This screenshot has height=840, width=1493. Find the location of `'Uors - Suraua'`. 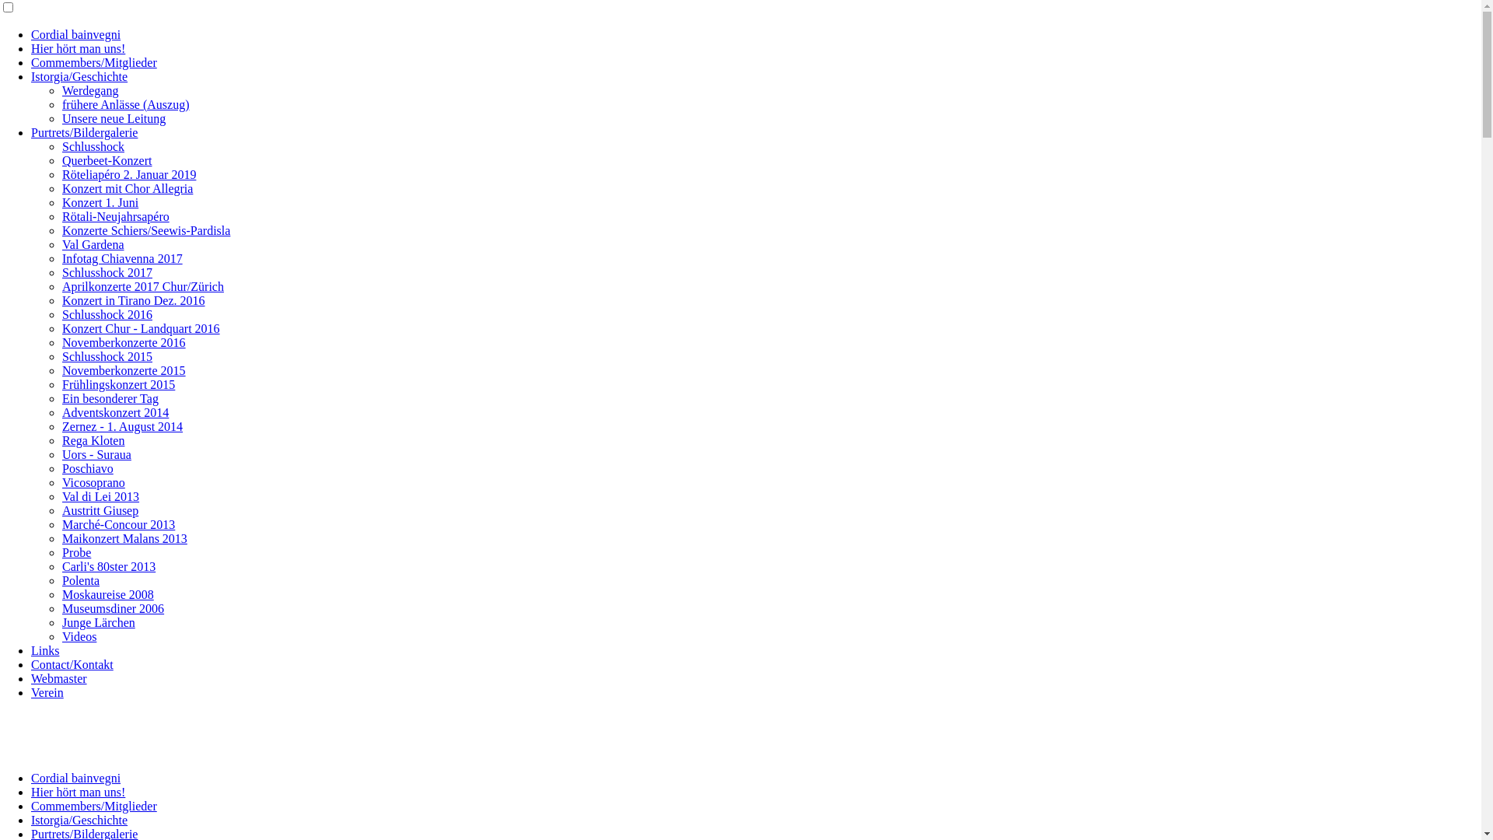

'Uors - Suraua' is located at coordinates (96, 454).